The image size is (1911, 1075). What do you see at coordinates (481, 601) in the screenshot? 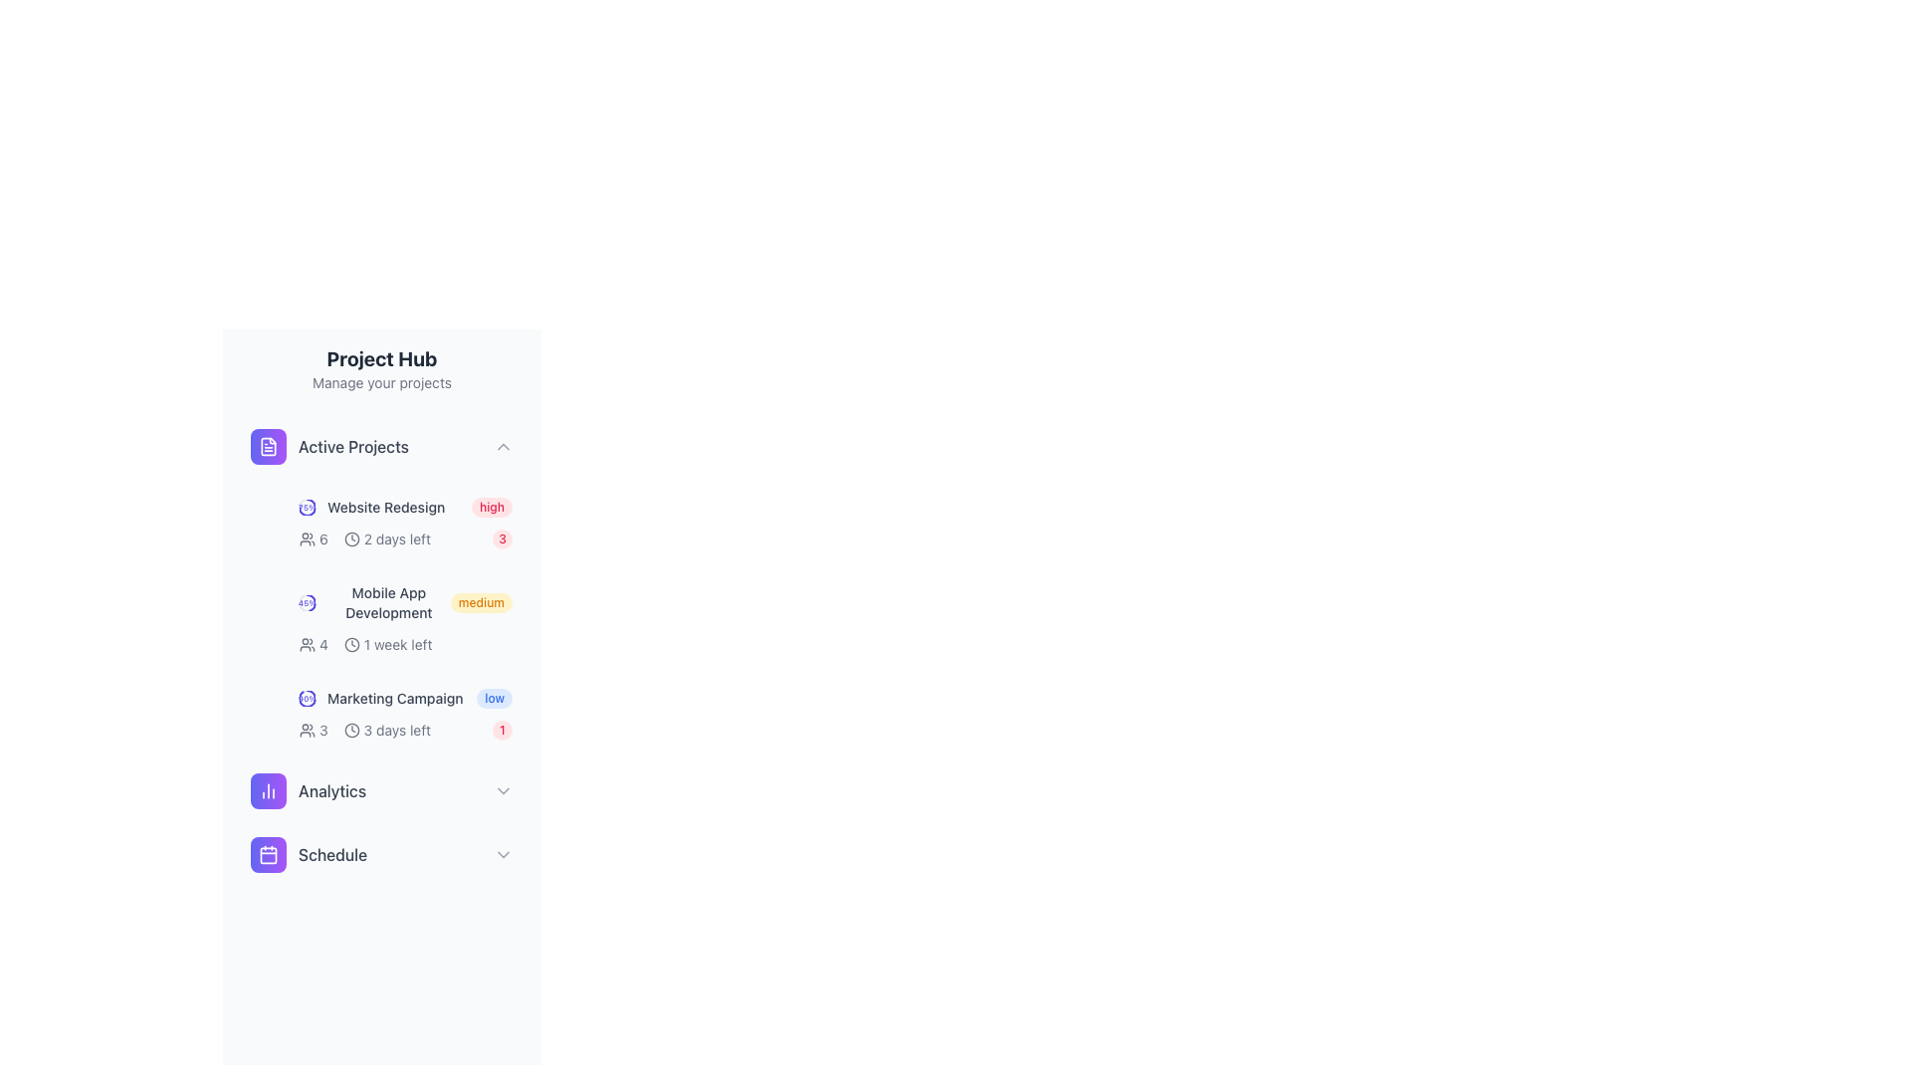
I see `the pill-shaped text label with the word 'medium' in lowercase, featuring a light amber background and amber text, located next to the project title 'Mobile App Development' in the 'Active Projects' section of the 'Project Hub'` at bounding box center [481, 601].